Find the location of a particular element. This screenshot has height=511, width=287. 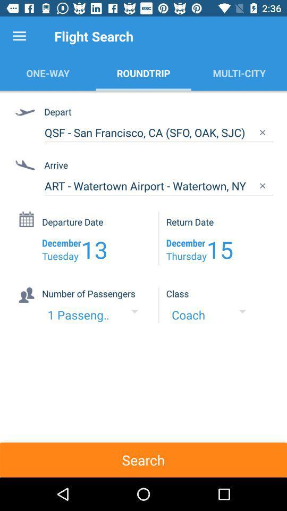

the icon beside departure date is located at coordinates (27, 222).